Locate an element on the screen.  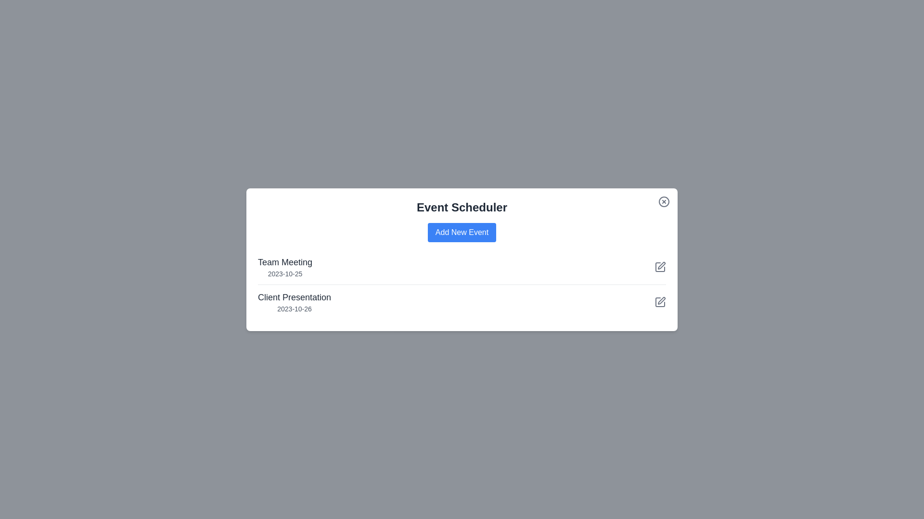
the text label displaying the date '2023-10-26' which is located under the title 'Client Presentation' is located at coordinates (294, 309).